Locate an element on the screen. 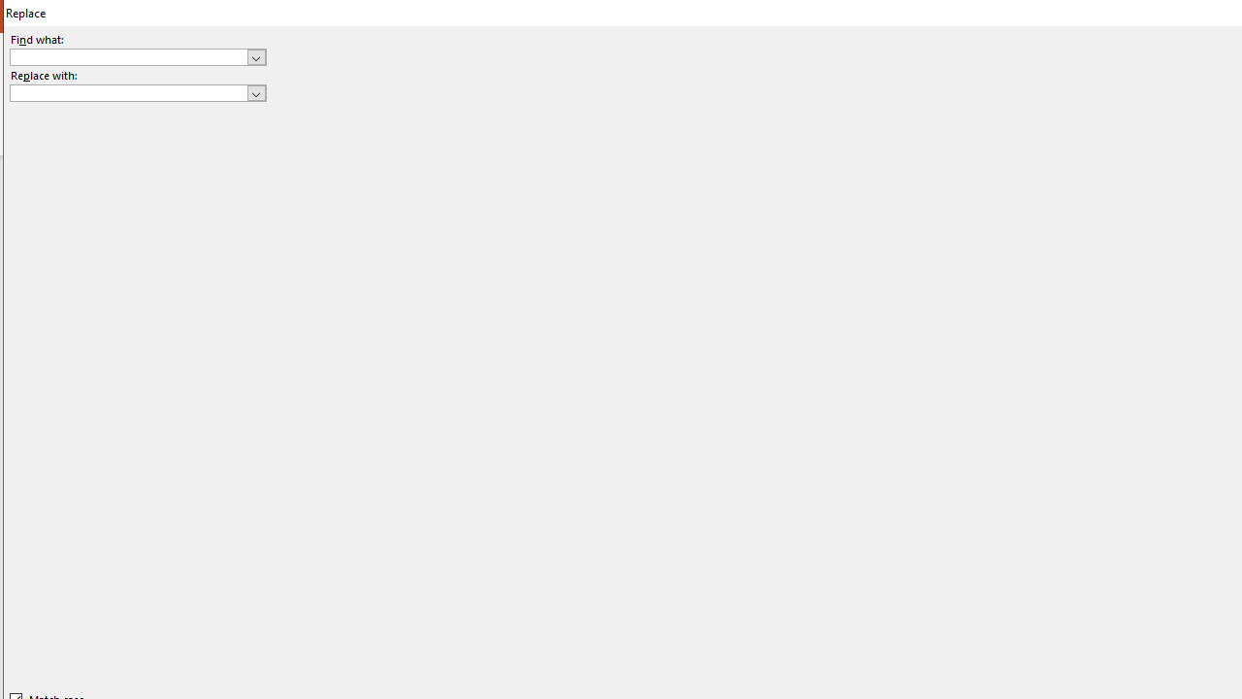  'Replace with' is located at coordinates (137, 93).